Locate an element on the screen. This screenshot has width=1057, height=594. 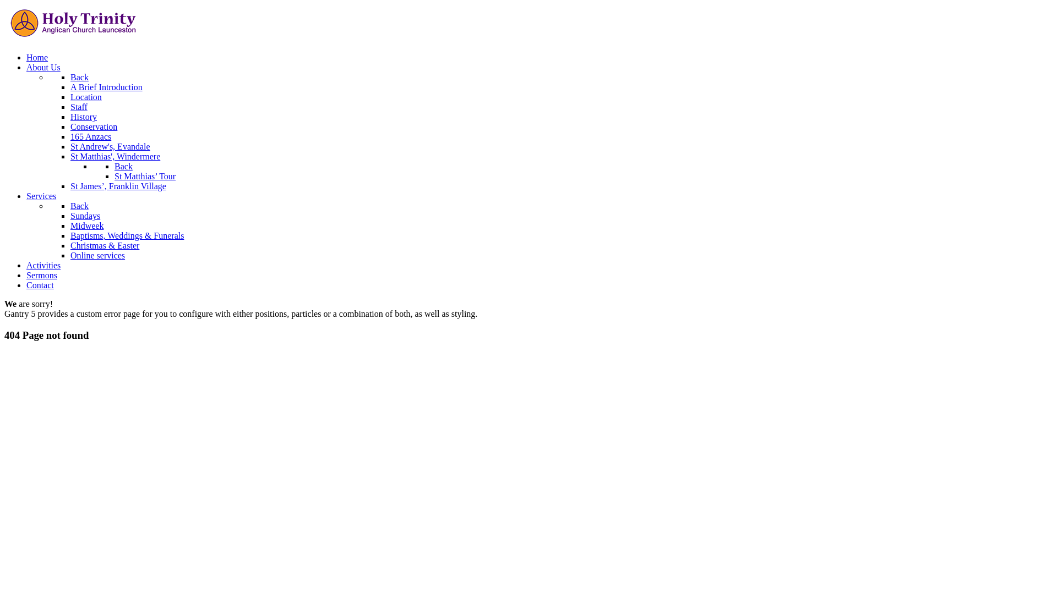
'Activities' is located at coordinates (43, 265).